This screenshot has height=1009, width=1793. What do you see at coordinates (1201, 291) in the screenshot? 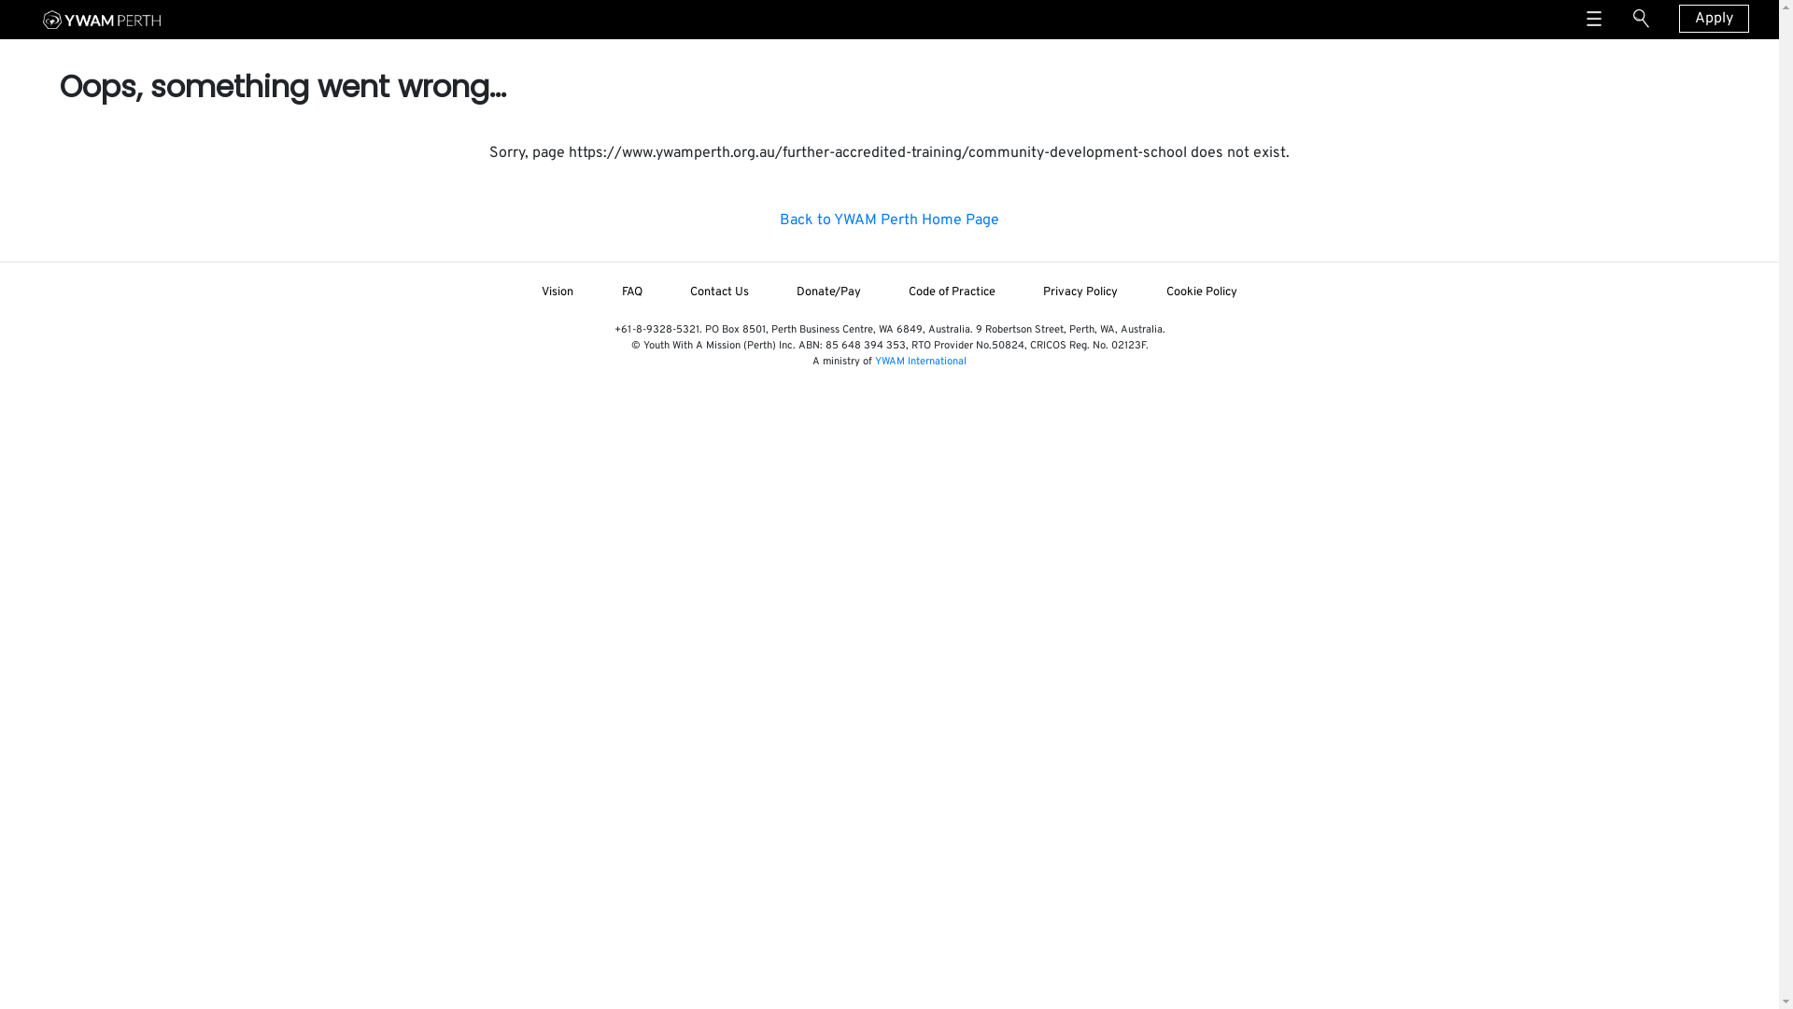
I see `'Cookie Policy'` at bounding box center [1201, 291].